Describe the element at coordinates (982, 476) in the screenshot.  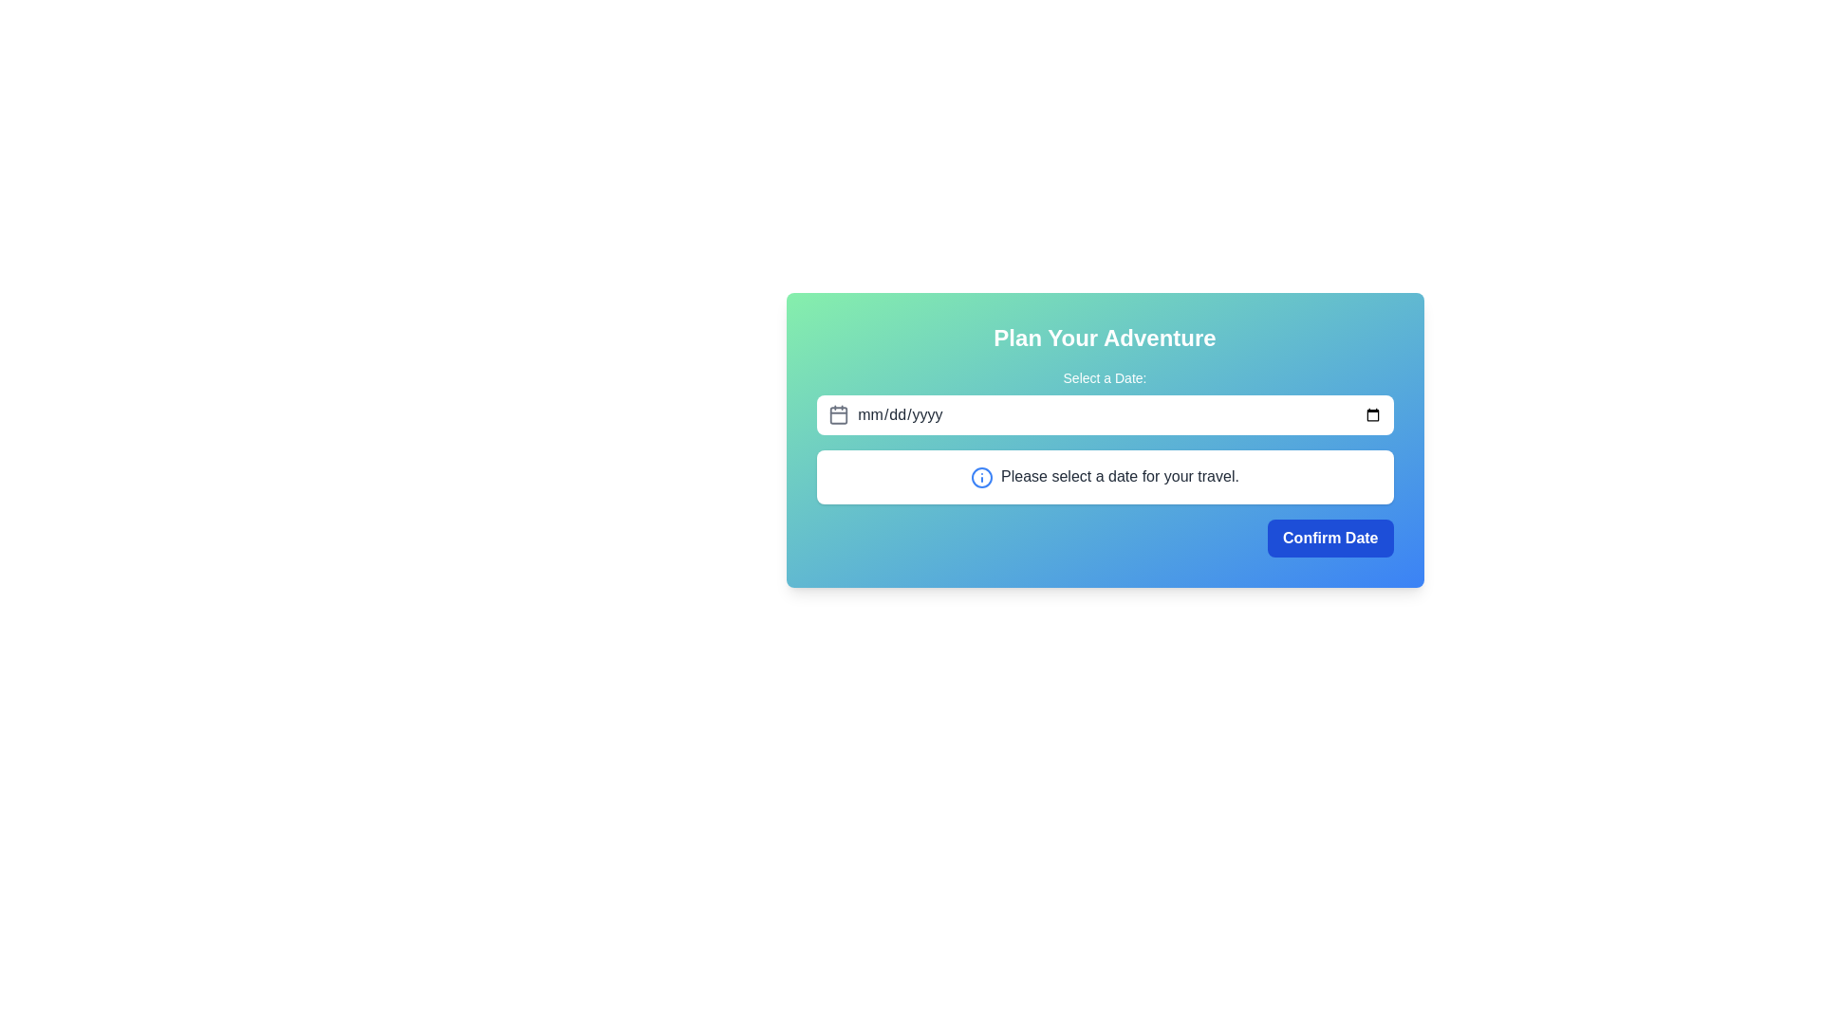
I see `the informational icon located to the left of the text 'Please select a date for your travel.' for more details` at that location.